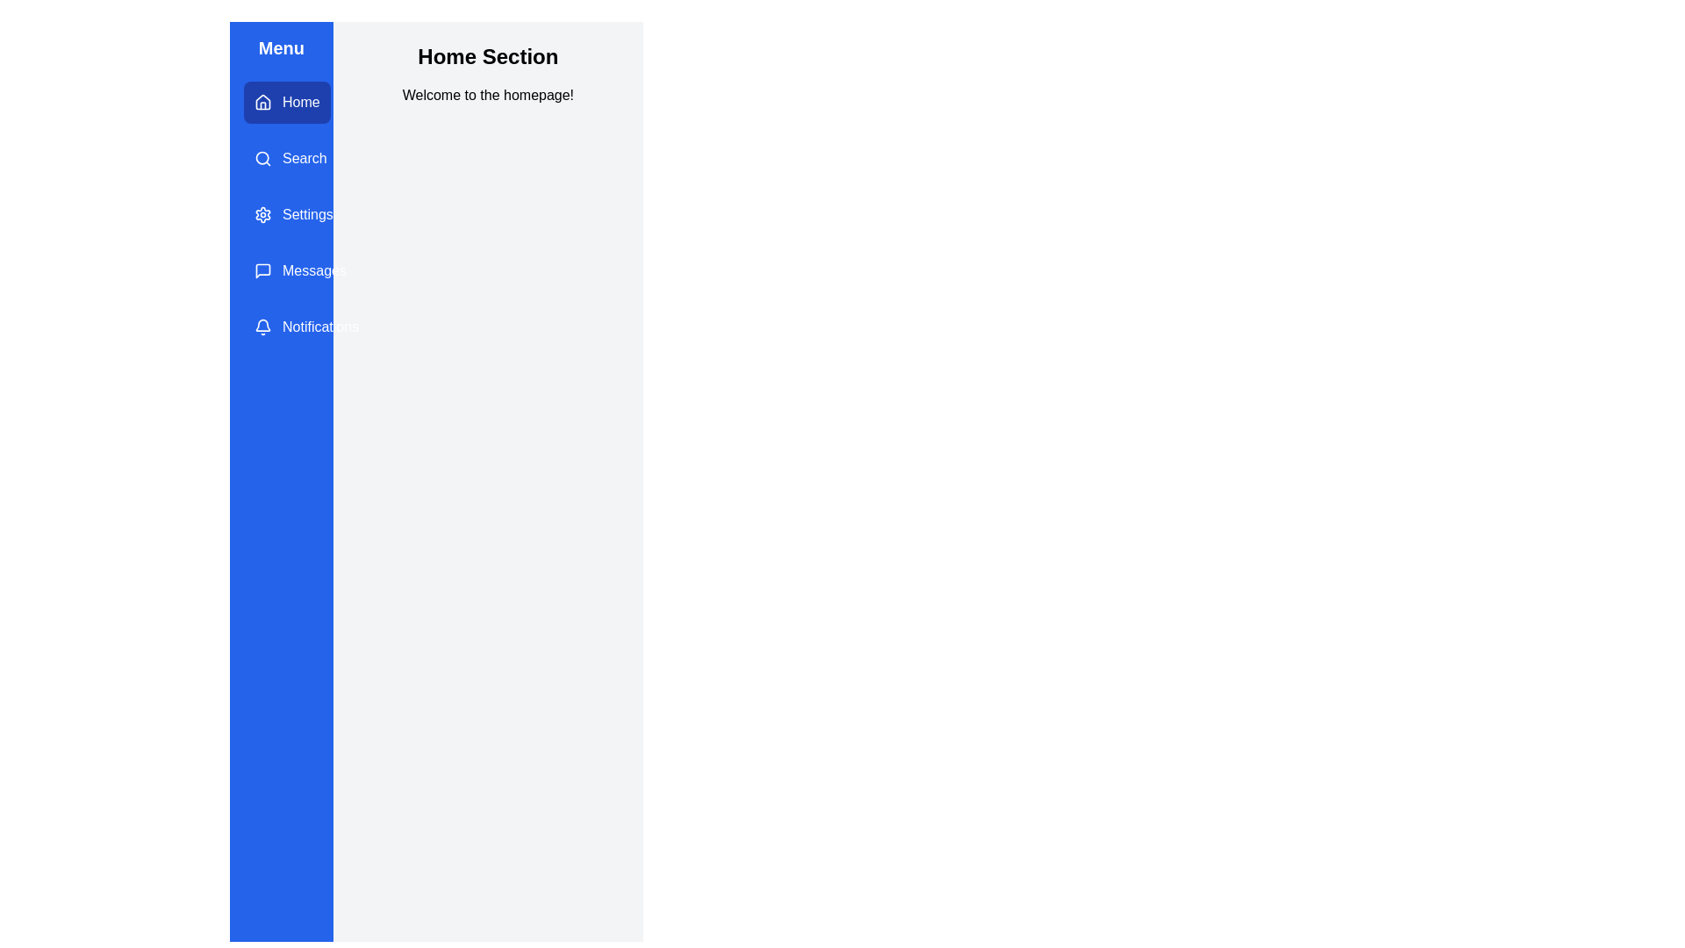  What do you see at coordinates (262, 158) in the screenshot?
I see `the decorative graphic (SVG circle) within the magnifying glass icon associated with the 'Search' menu item` at bounding box center [262, 158].